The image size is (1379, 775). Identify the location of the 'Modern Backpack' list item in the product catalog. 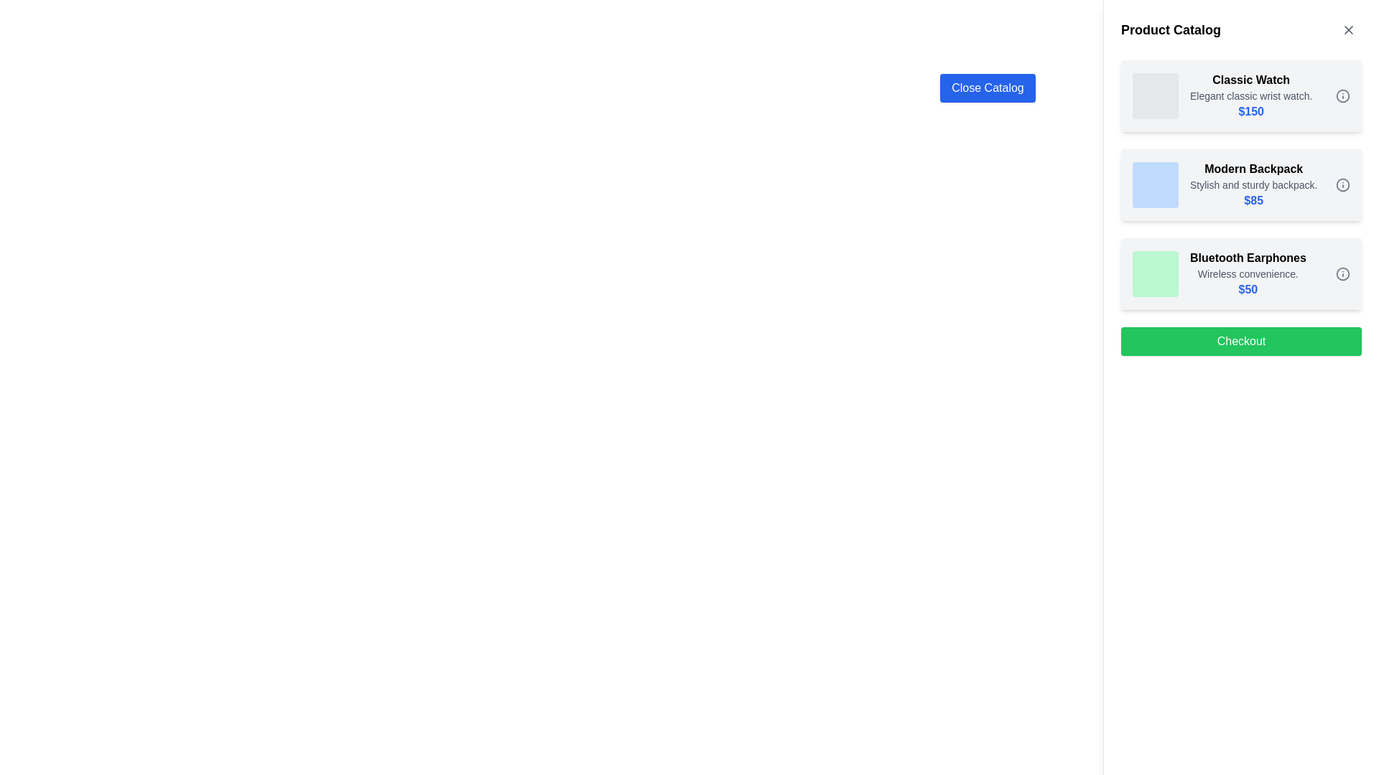
(1224, 184).